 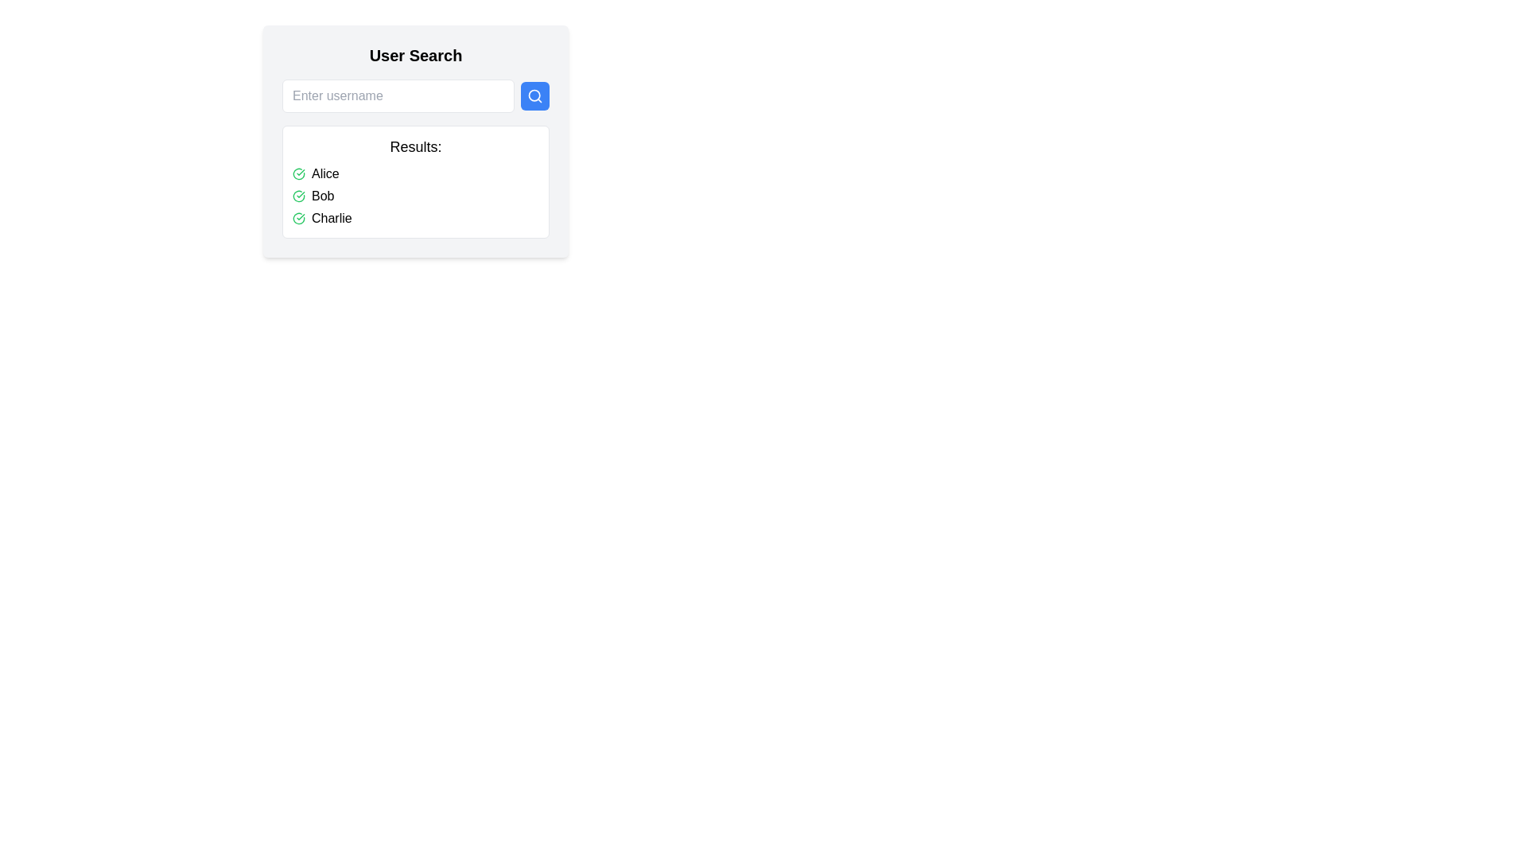 I want to click on the search button located to the right of the 'Enter username' text input field, so click(x=534, y=95).